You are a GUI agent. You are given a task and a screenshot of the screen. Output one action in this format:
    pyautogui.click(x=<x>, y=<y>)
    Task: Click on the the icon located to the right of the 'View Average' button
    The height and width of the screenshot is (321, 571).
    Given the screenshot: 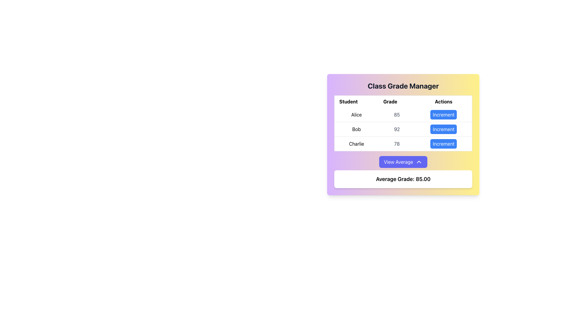 What is the action you would take?
    pyautogui.click(x=419, y=162)
    